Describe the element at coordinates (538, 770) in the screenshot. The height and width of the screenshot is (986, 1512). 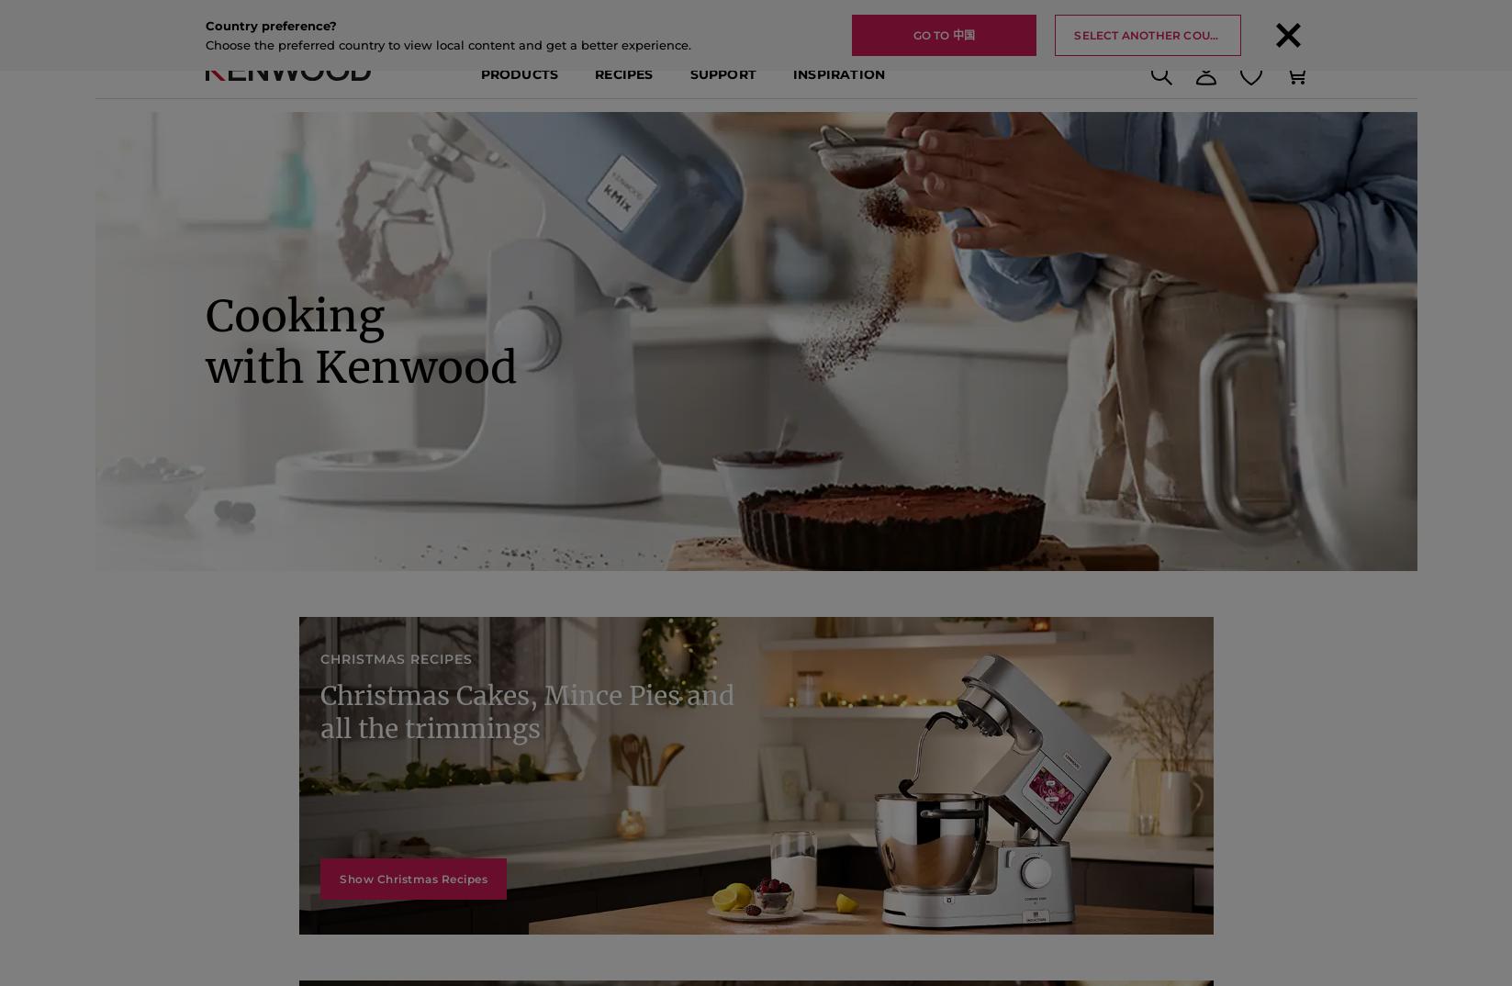
I see `'Christmas Cakes, Mince Pies and all the trimmings'` at that location.